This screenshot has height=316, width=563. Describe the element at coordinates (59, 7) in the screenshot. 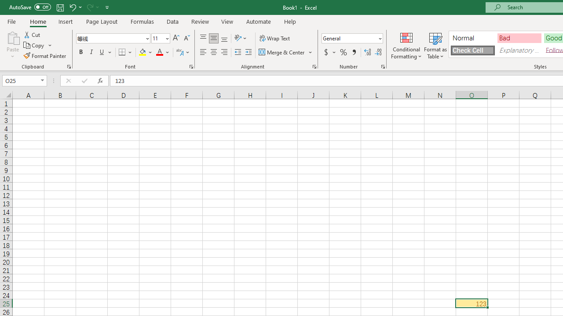

I see `'Save'` at that location.